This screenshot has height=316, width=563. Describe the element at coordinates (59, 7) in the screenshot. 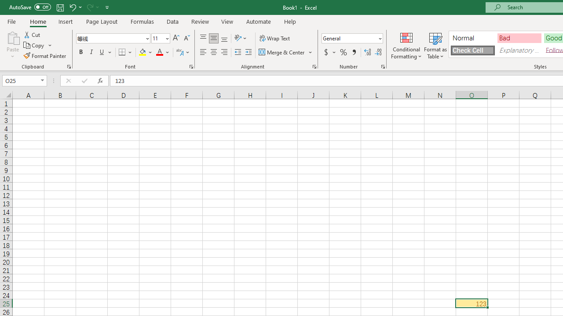

I see `'Save'` at that location.